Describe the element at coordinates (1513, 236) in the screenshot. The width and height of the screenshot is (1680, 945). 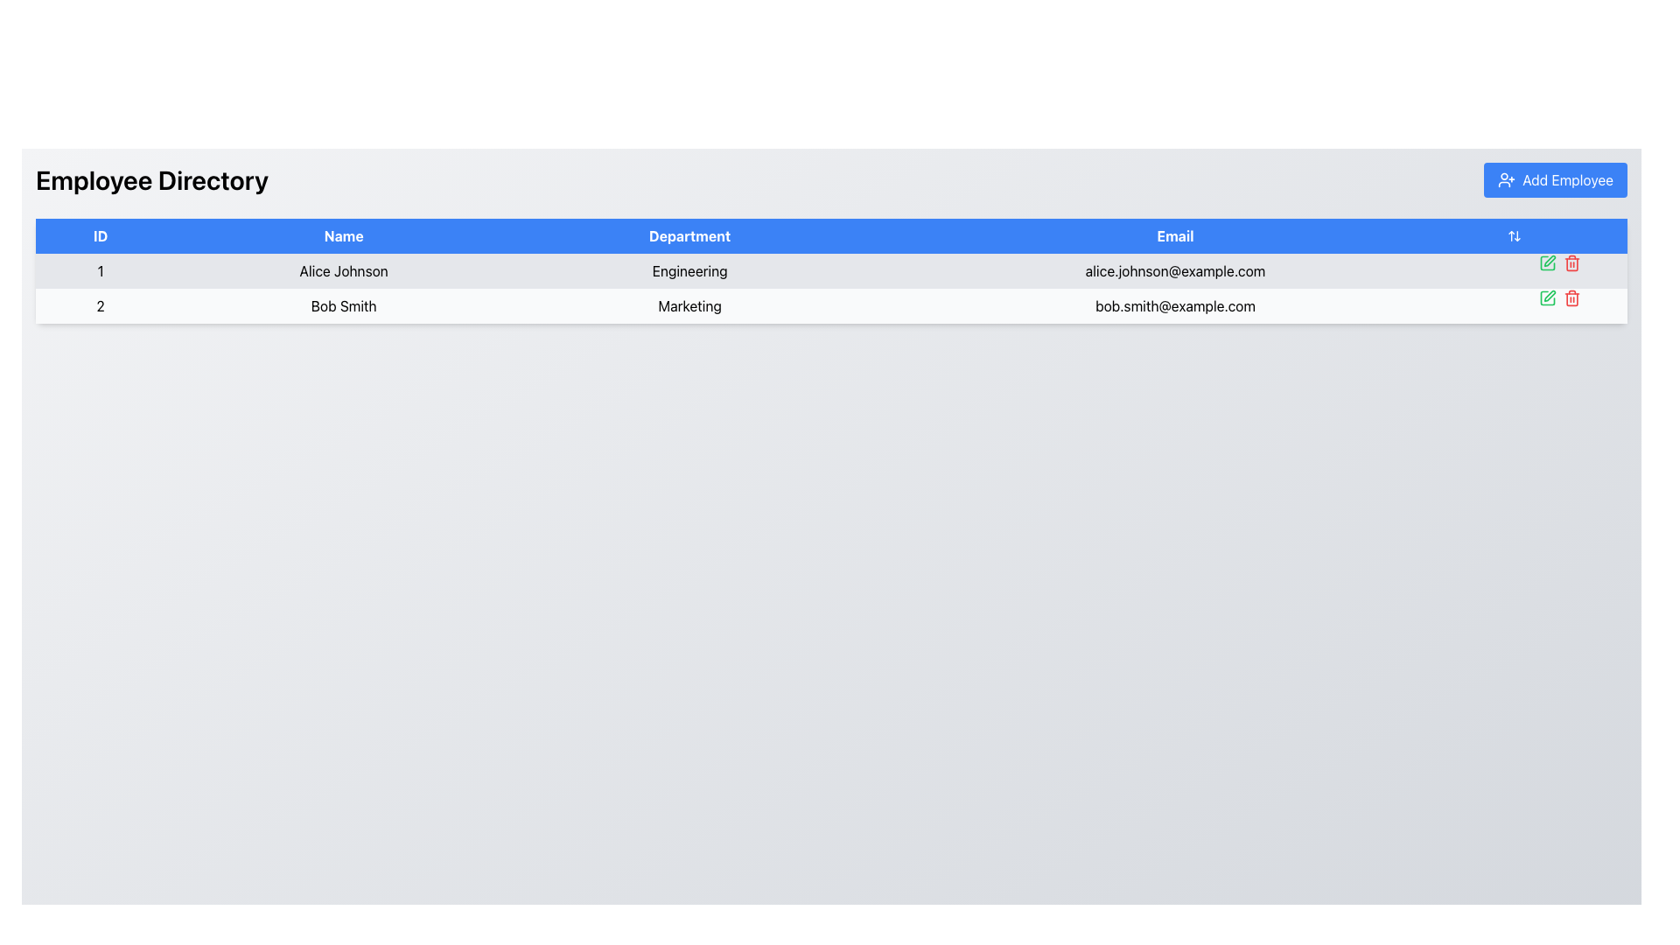
I see `the Sort Indicator Icon, which is a vertically stacked pair of arrows pointing in opposite directions on a blue background, located in the rightmost part of the second column in the header row of the table` at that location.